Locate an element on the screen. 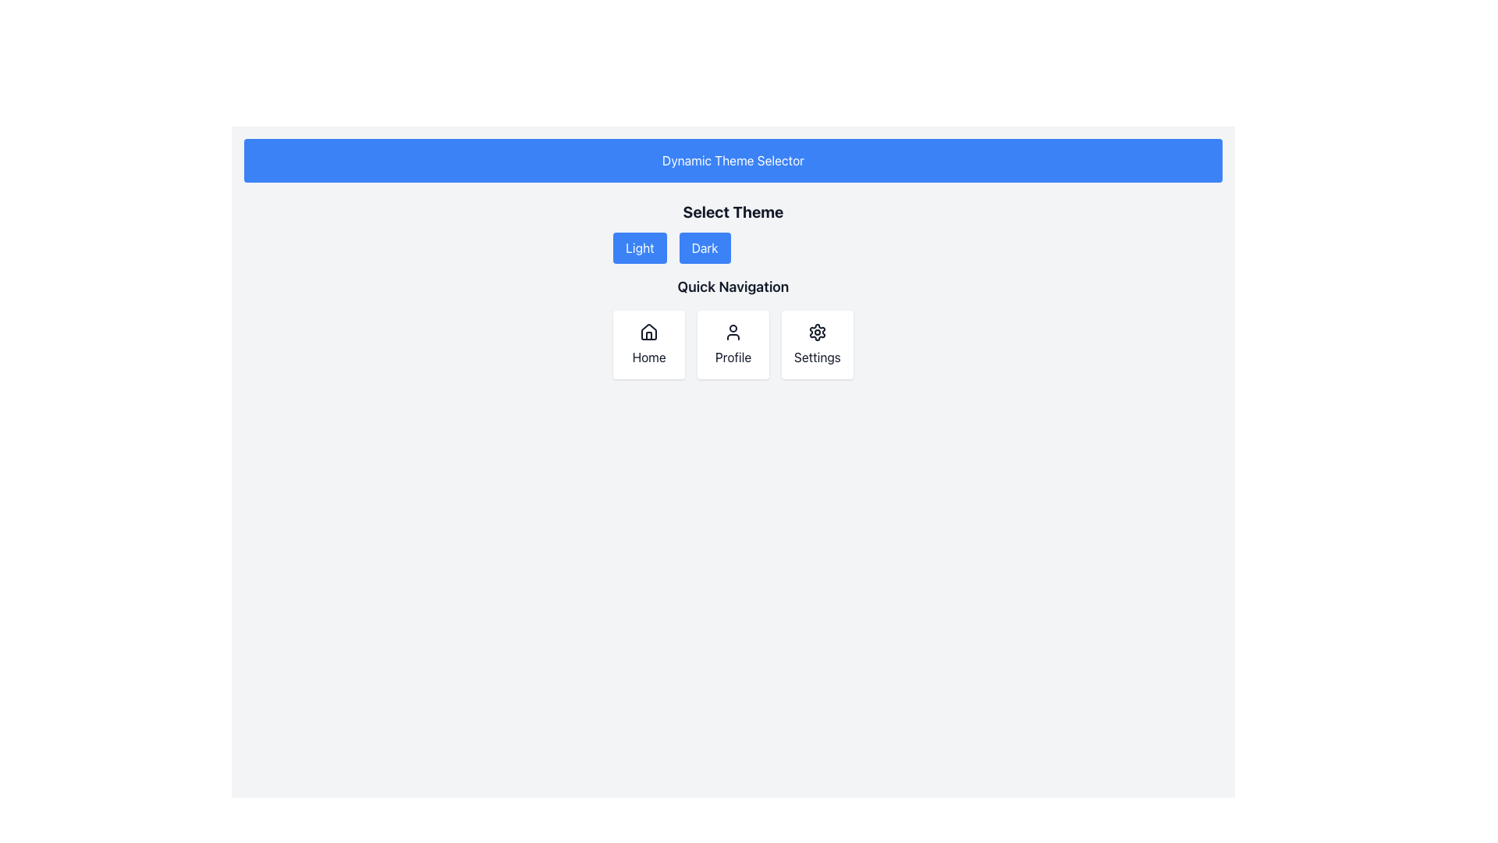  the house icon located at the top of the 'Home' navigation card is located at coordinates (649, 331).